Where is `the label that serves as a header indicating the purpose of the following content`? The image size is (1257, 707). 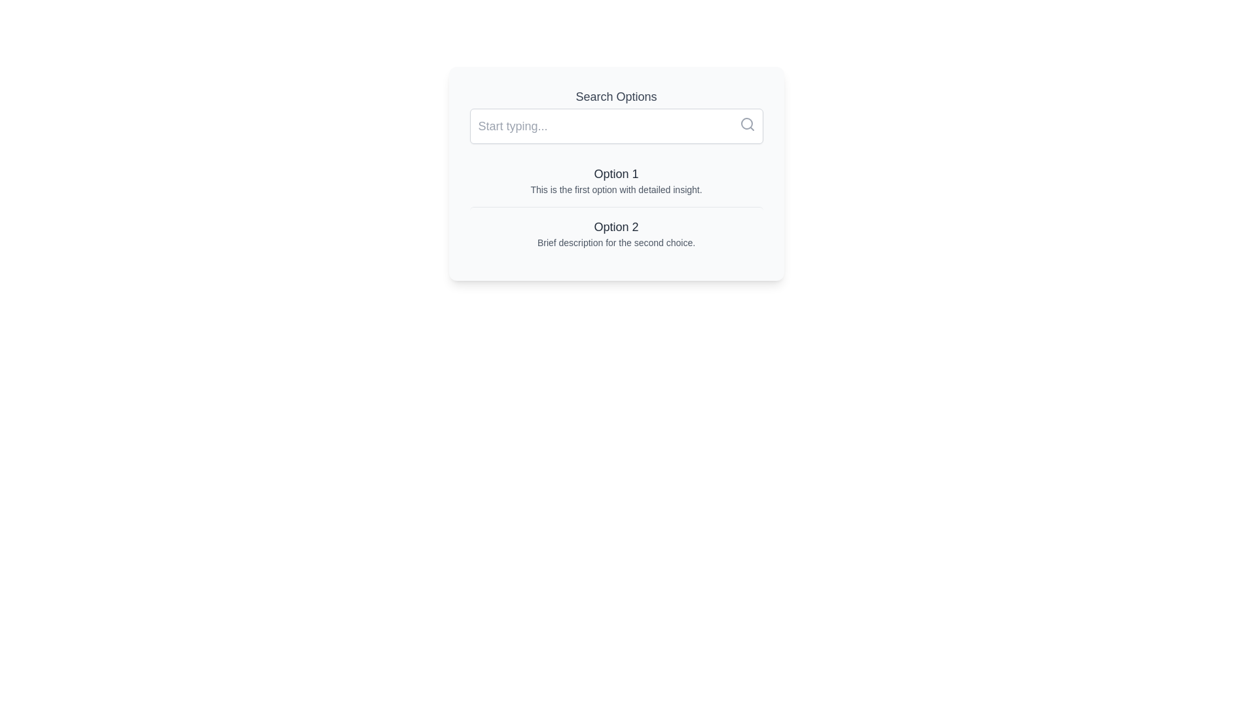
the label that serves as a header indicating the purpose of the following content is located at coordinates (615, 96).